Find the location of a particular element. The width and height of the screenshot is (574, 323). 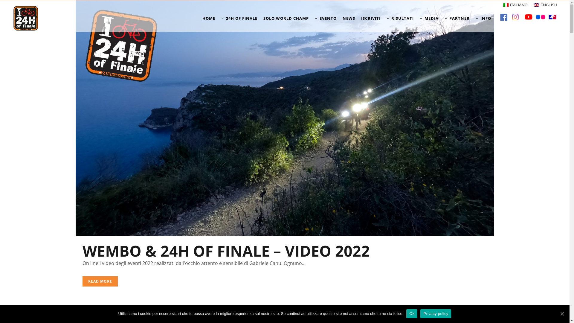

'facebook' is located at coordinates (503, 17).